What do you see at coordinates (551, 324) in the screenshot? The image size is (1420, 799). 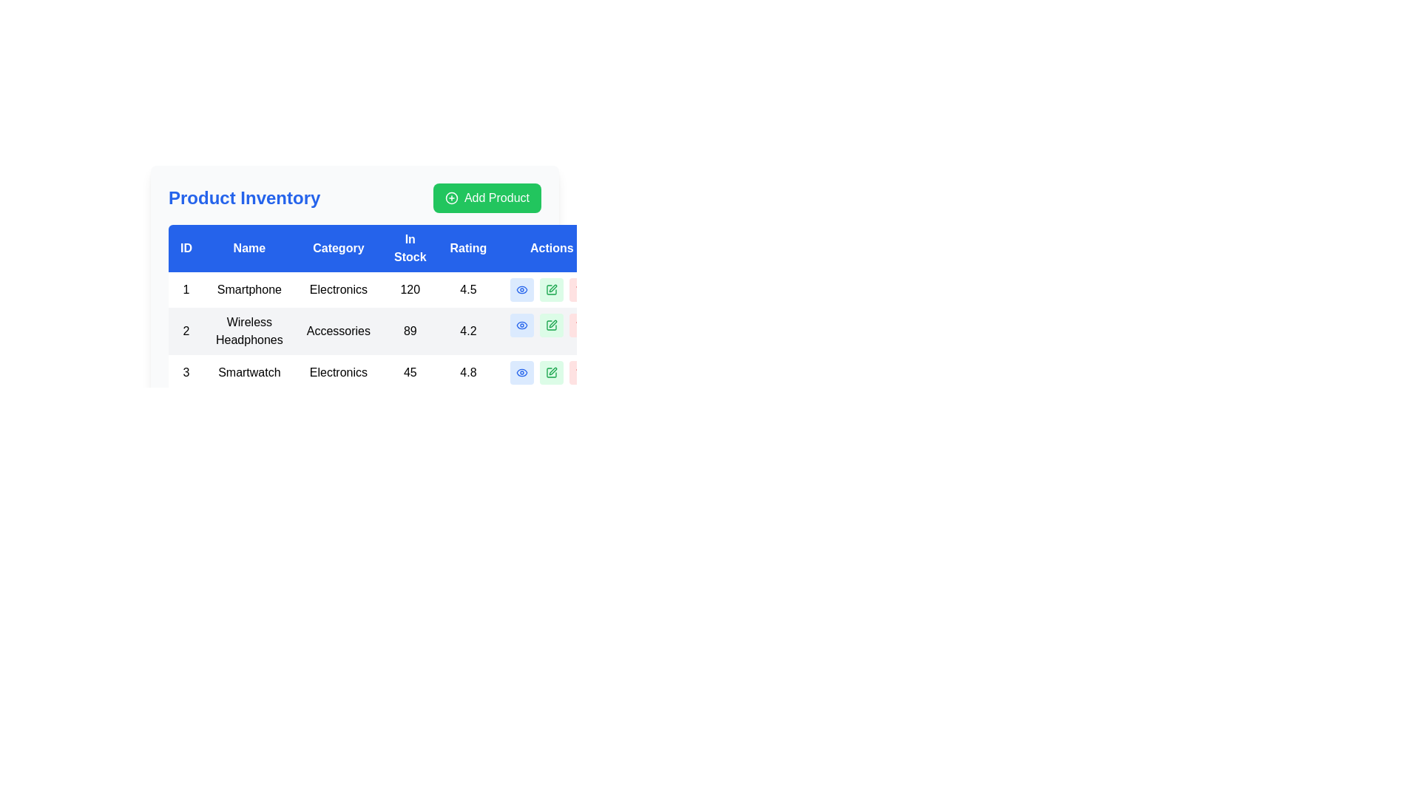 I see `the green button containing the stylized pen icon to initiate an action` at bounding box center [551, 324].